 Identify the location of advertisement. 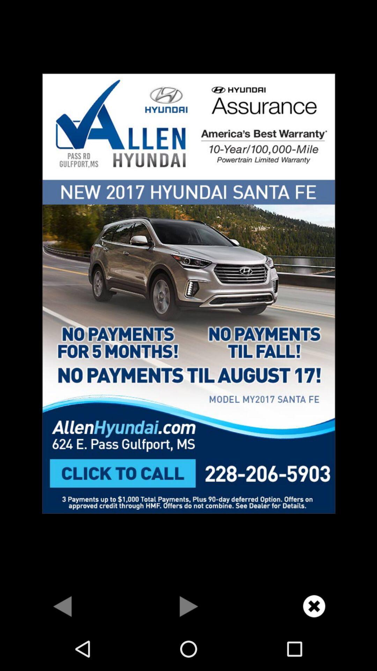
(313, 606).